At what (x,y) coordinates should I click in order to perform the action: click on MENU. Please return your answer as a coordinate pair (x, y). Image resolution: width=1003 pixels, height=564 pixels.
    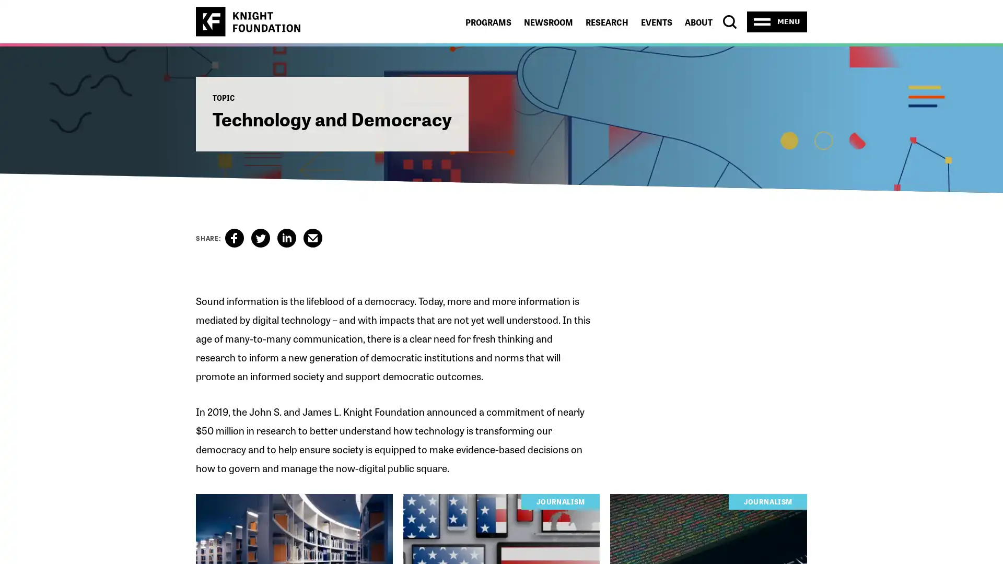
    Looking at the image, I should click on (777, 21).